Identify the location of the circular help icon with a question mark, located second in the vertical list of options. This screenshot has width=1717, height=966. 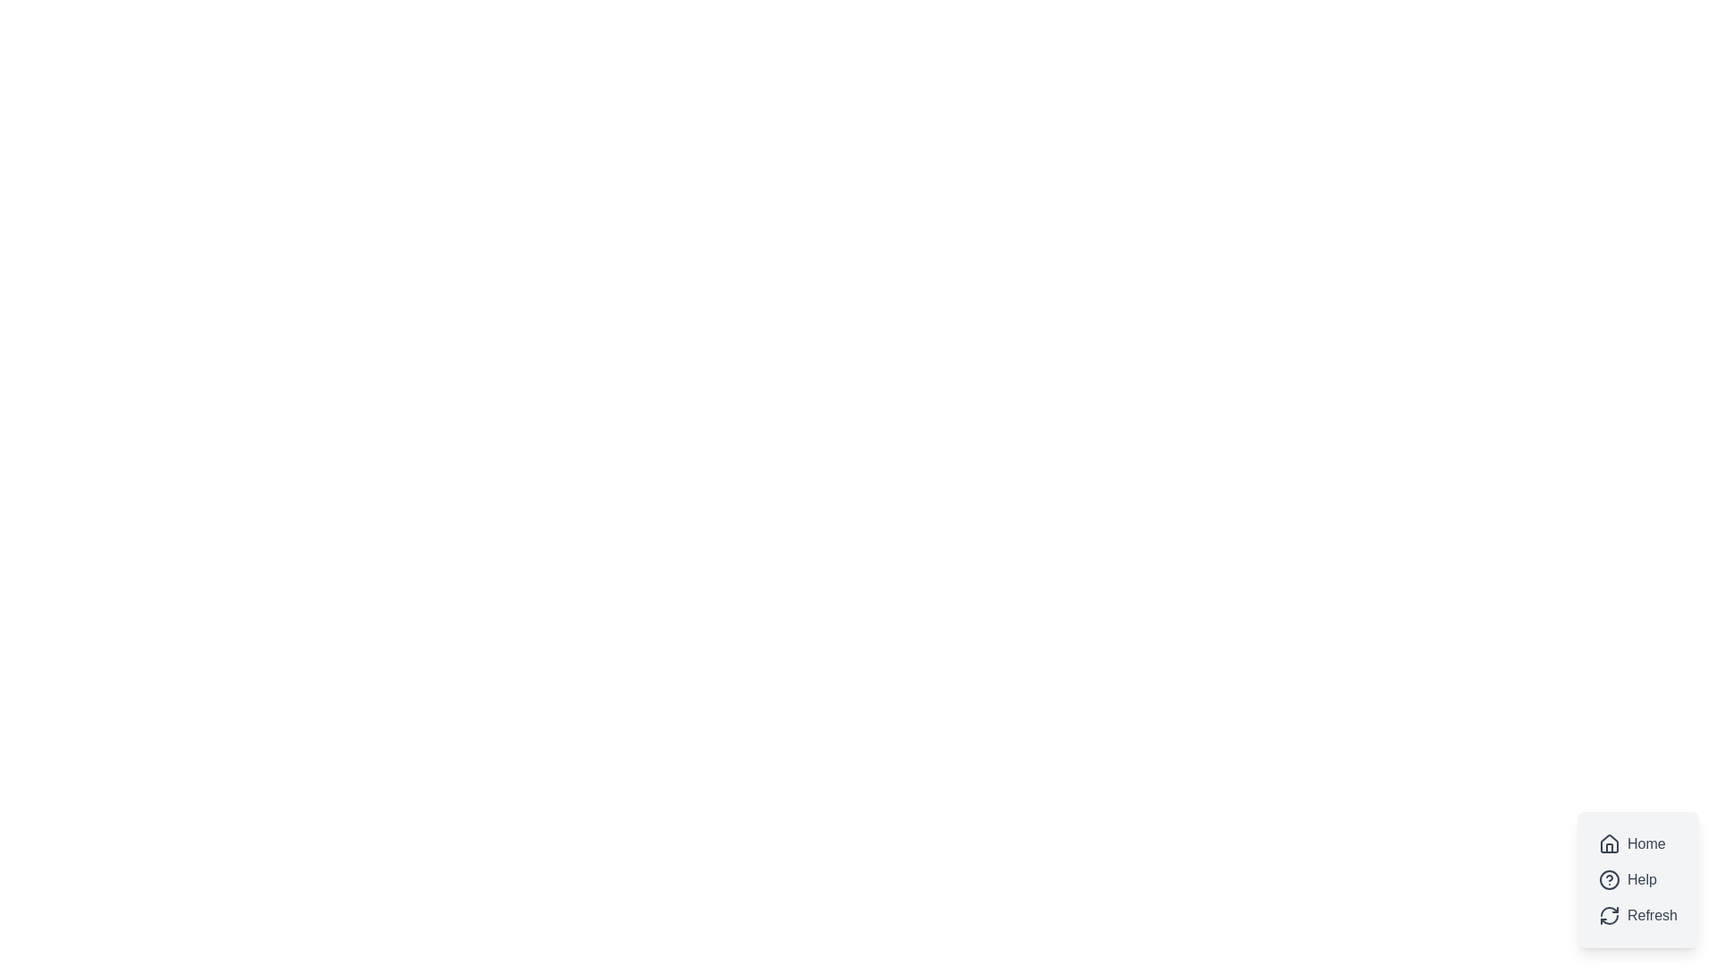
(1610, 878).